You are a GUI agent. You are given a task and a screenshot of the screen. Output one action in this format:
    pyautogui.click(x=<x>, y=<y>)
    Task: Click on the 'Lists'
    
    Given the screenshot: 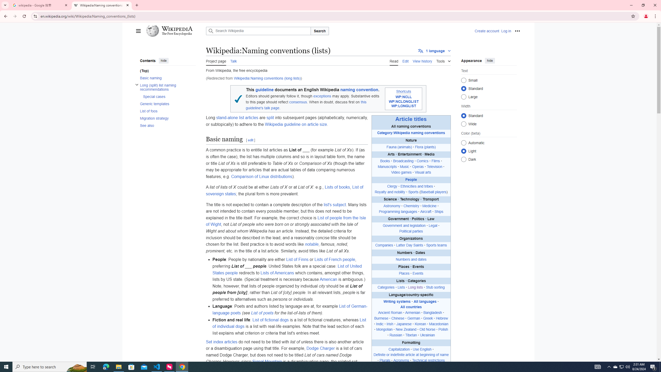 What is the action you would take?
    pyautogui.click(x=401, y=287)
    